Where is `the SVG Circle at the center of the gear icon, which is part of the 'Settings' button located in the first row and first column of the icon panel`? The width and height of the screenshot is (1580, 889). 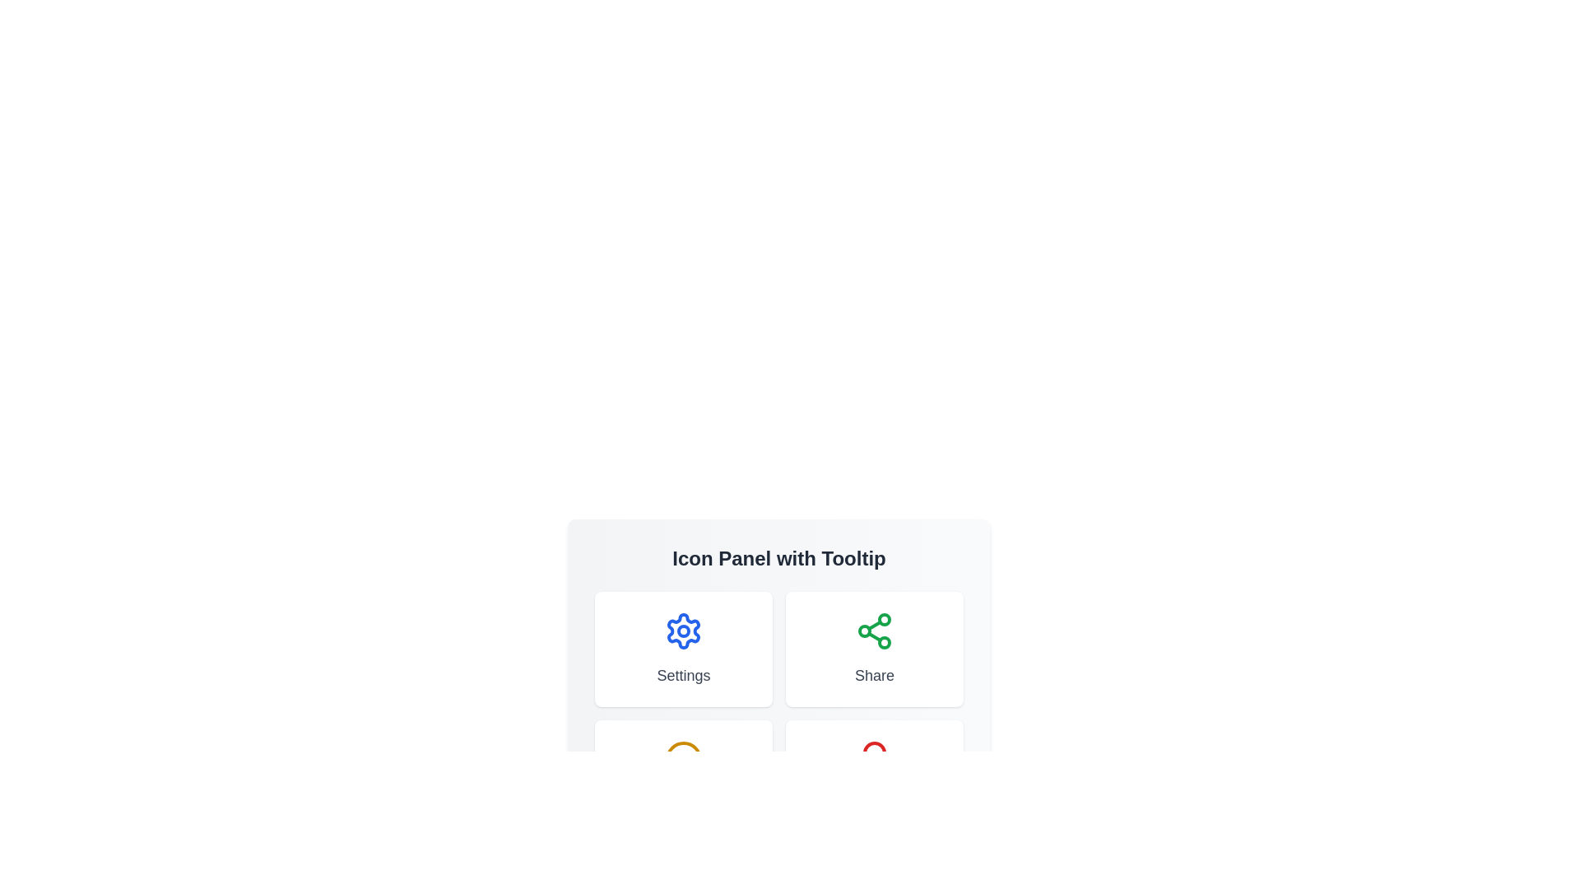 the SVG Circle at the center of the gear icon, which is part of the 'Settings' button located in the first row and first column of the icon panel is located at coordinates (683, 631).